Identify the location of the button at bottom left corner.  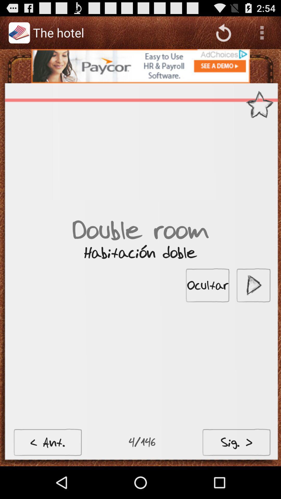
(48, 442).